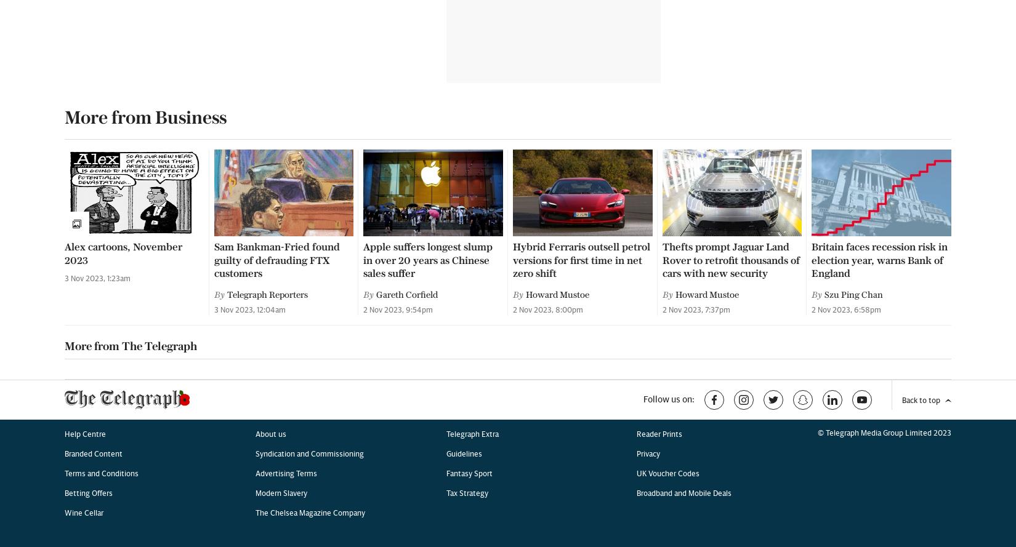 The image size is (1016, 547). Describe the element at coordinates (648, 73) in the screenshot. I see `'Privacy'` at that location.